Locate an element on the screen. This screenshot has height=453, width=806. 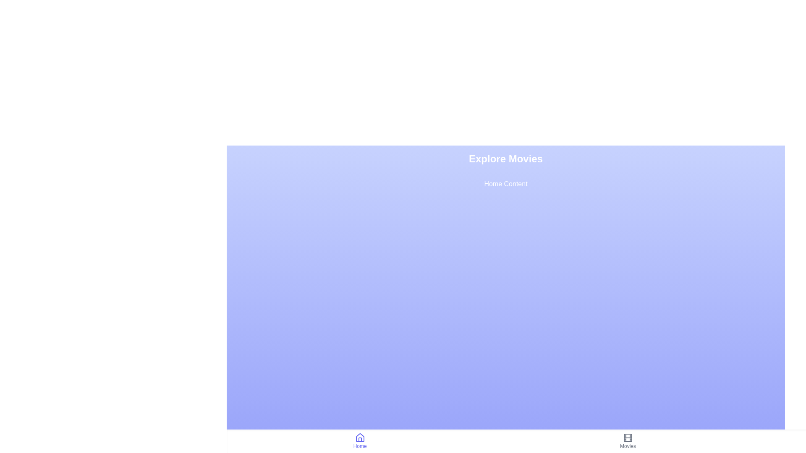
text from the centered 'Home Content' text label displaying in white on a light blue gradient background is located at coordinates (505, 184).